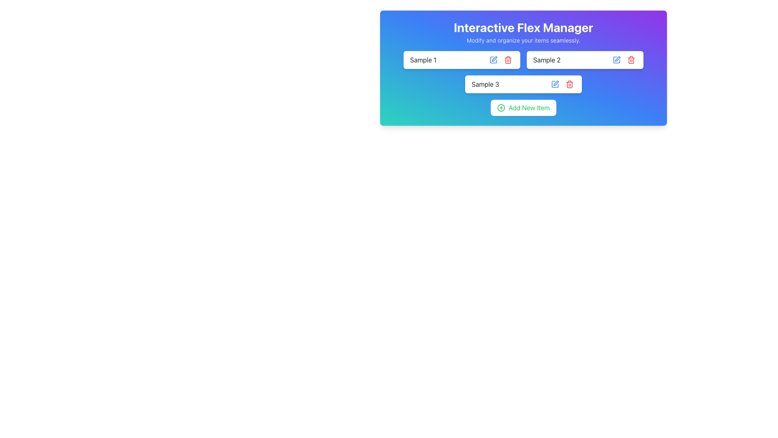  Describe the element at coordinates (554, 84) in the screenshot. I see `the edit icon located to the right of the text 'Sample 3' to initiate editing the associated item` at that location.